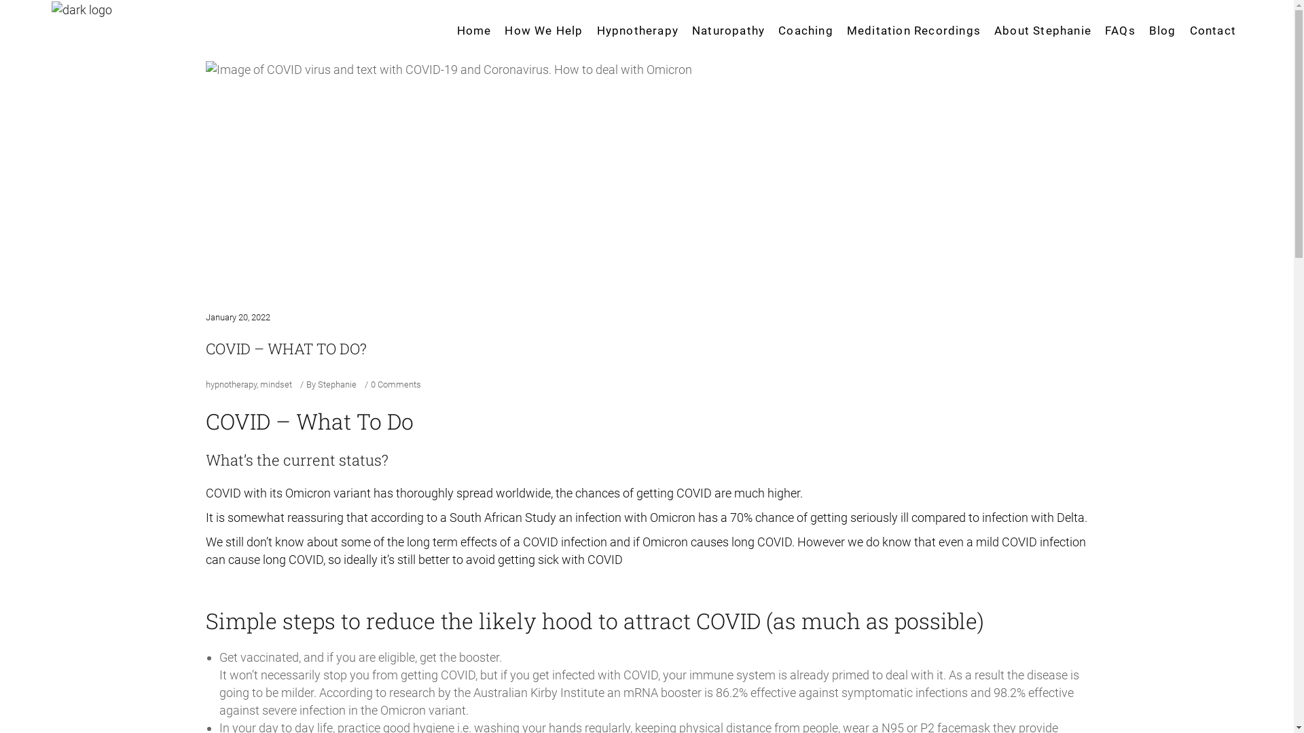  I want to click on 'Coaching', so click(805, 31).